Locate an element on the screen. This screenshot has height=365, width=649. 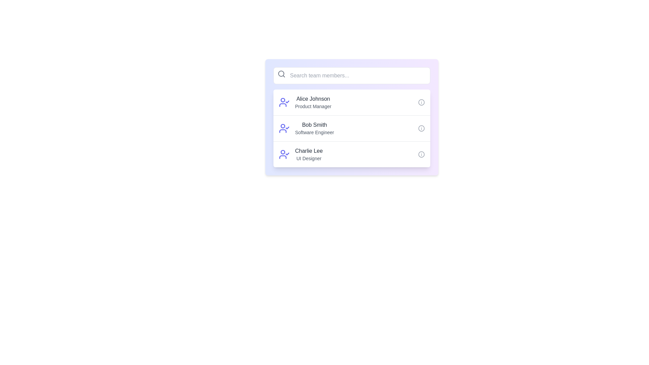
the Text label displaying 'Software Engineer' which is styled as secondary information and is positioned below the name 'Bob Smith' is located at coordinates (314, 132).